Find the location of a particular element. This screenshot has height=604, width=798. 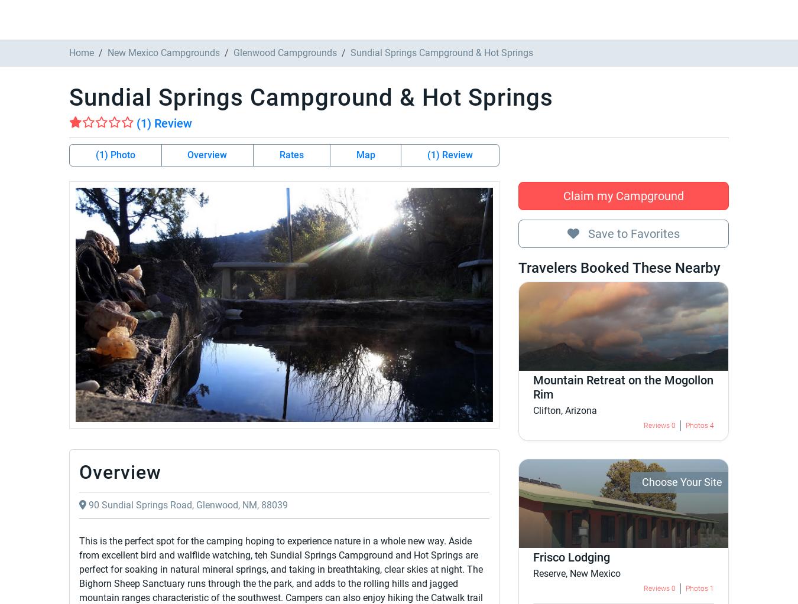

'Frisco Lodging' is located at coordinates (345, 358).